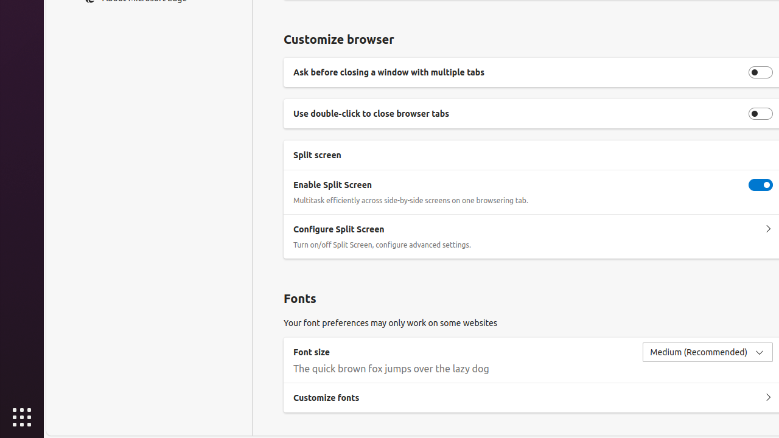 The height and width of the screenshot is (438, 779). I want to click on 'Enable Split Screen', so click(760, 184).